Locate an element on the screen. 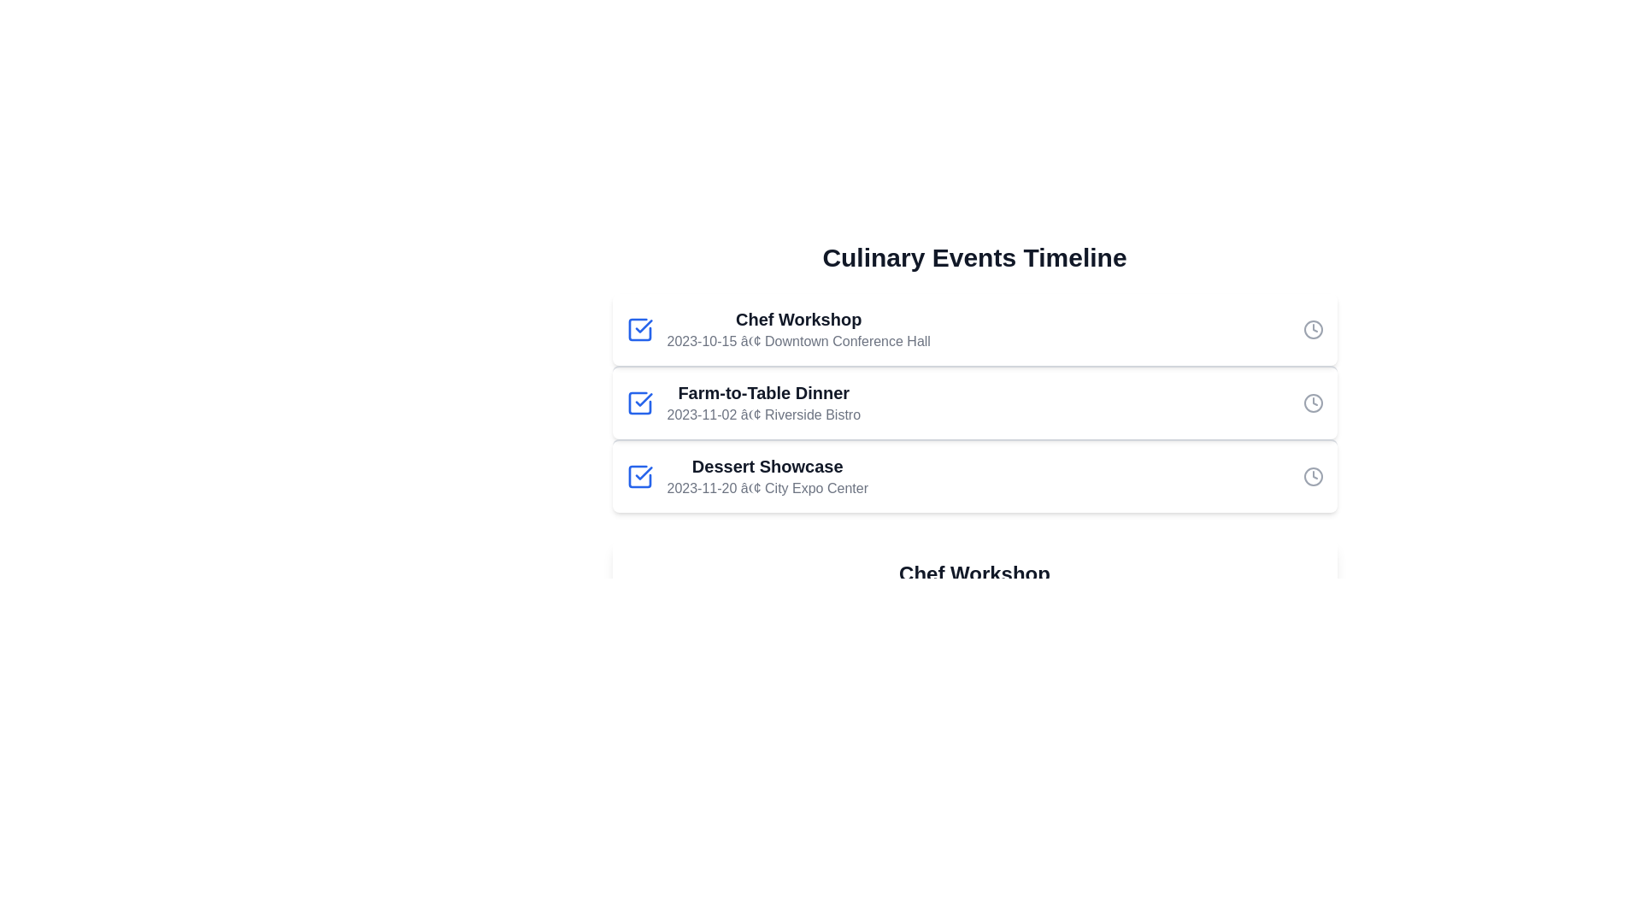  the text label describing the third event item in the timeline interface, which provides its title, date, and venue, located below 'Chef Workshop' and 'Farm-to-Table Dinner' is located at coordinates (747, 477).